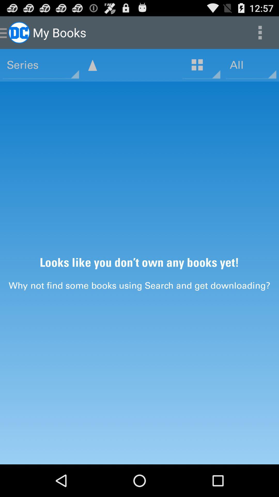  I want to click on the icon to the right of series icon, so click(92, 65).